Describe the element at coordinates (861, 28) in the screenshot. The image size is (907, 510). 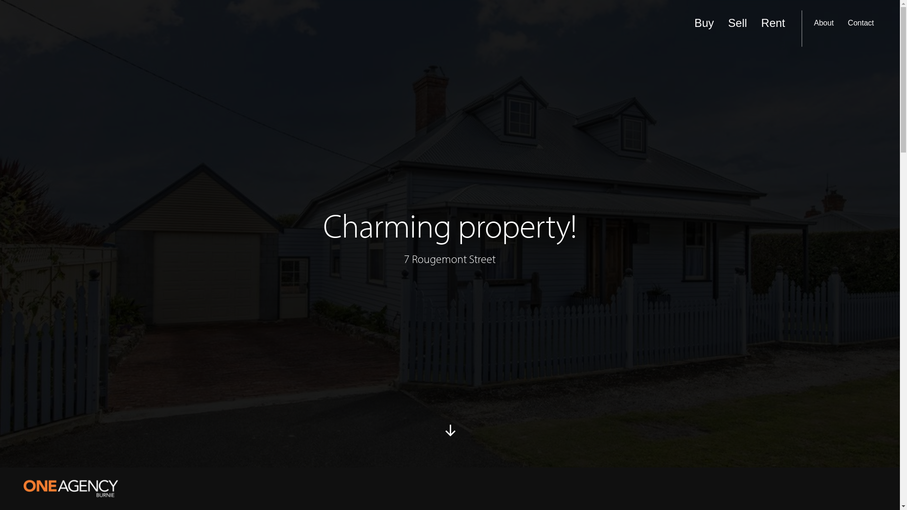
I see `'Contact'` at that location.